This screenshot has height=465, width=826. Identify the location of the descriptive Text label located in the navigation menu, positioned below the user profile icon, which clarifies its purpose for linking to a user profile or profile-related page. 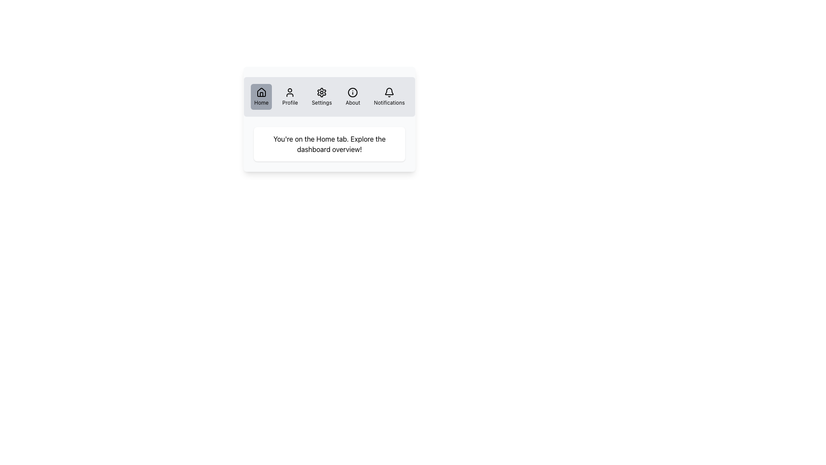
(290, 102).